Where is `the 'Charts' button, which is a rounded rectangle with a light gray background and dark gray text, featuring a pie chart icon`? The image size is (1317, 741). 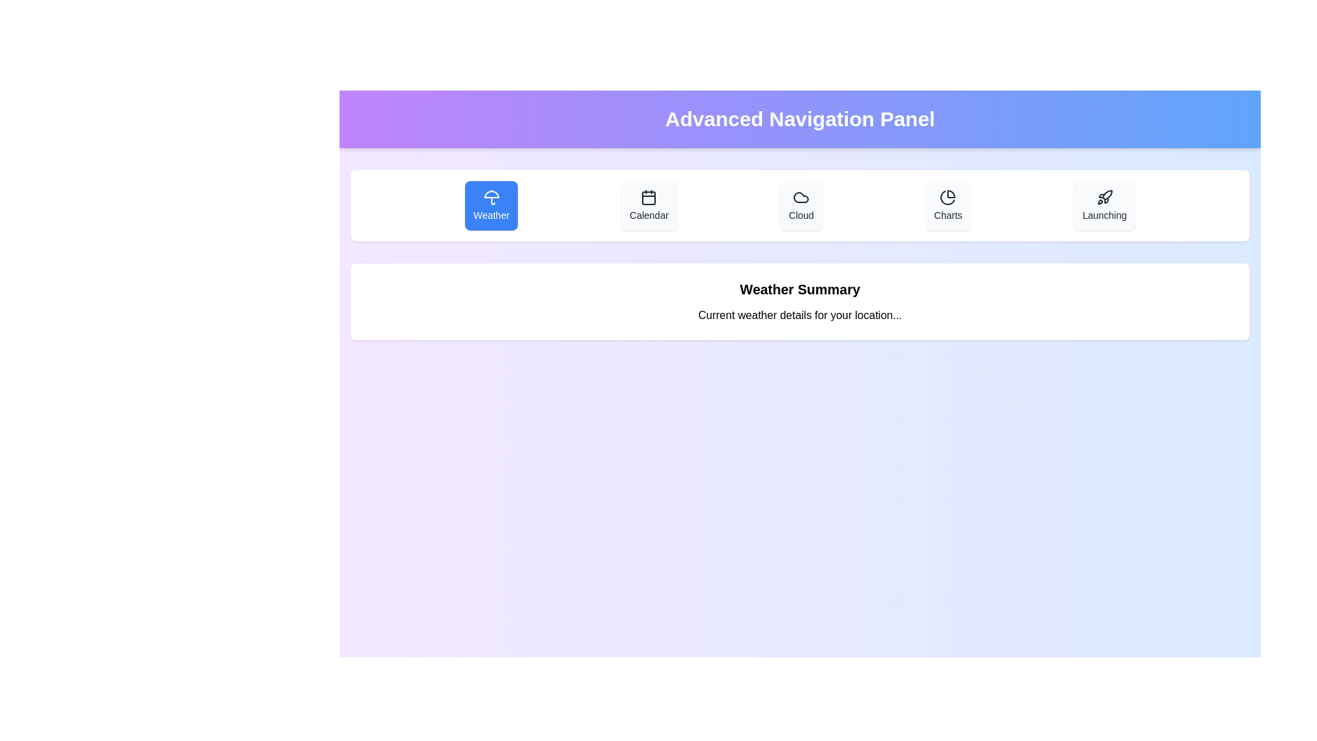
the 'Charts' button, which is a rounded rectangle with a light gray background and dark gray text, featuring a pie chart icon is located at coordinates (947, 206).